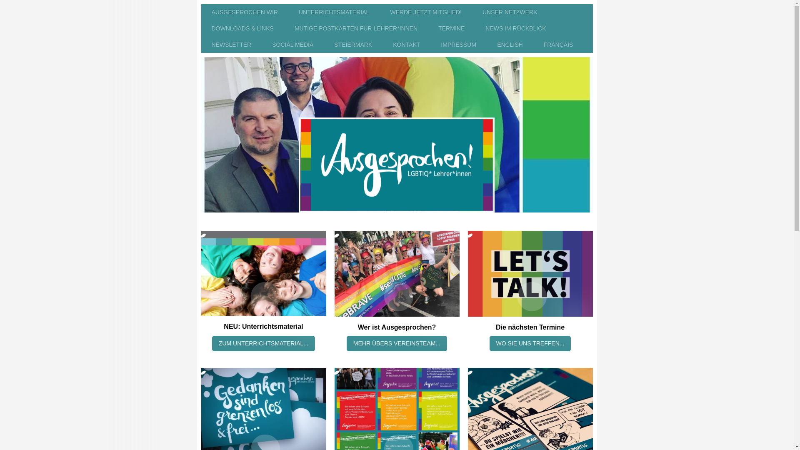  Describe the element at coordinates (231, 45) in the screenshot. I see `'NEWSLETTER'` at that location.